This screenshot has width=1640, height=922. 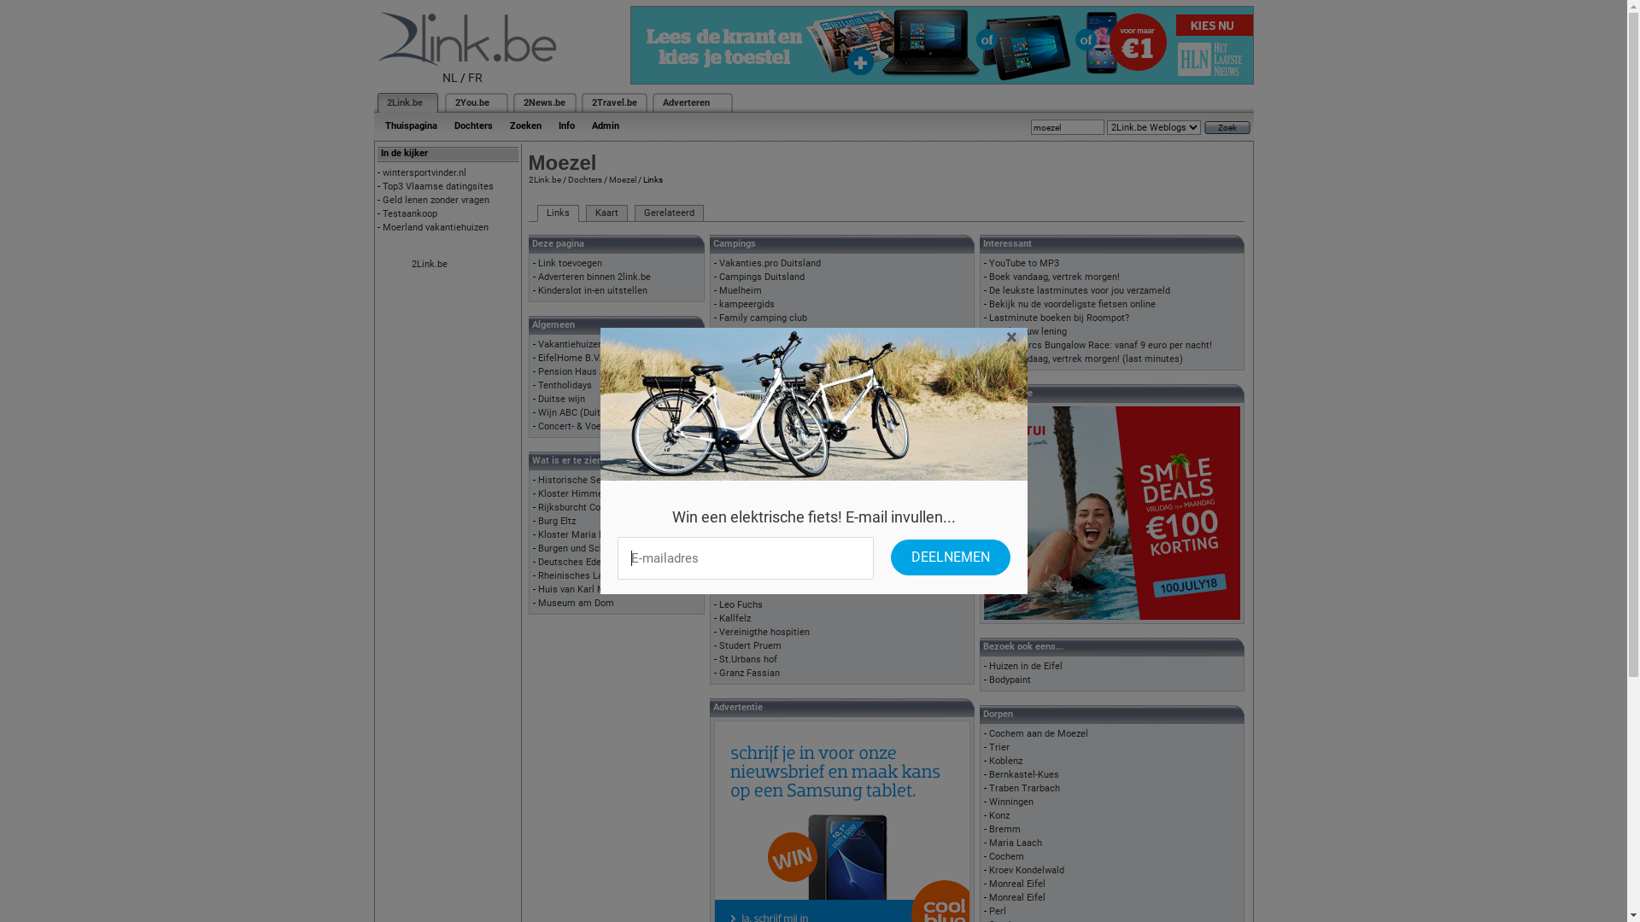 I want to click on 'Concert- & Voetbaltickets', so click(x=536, y=425).